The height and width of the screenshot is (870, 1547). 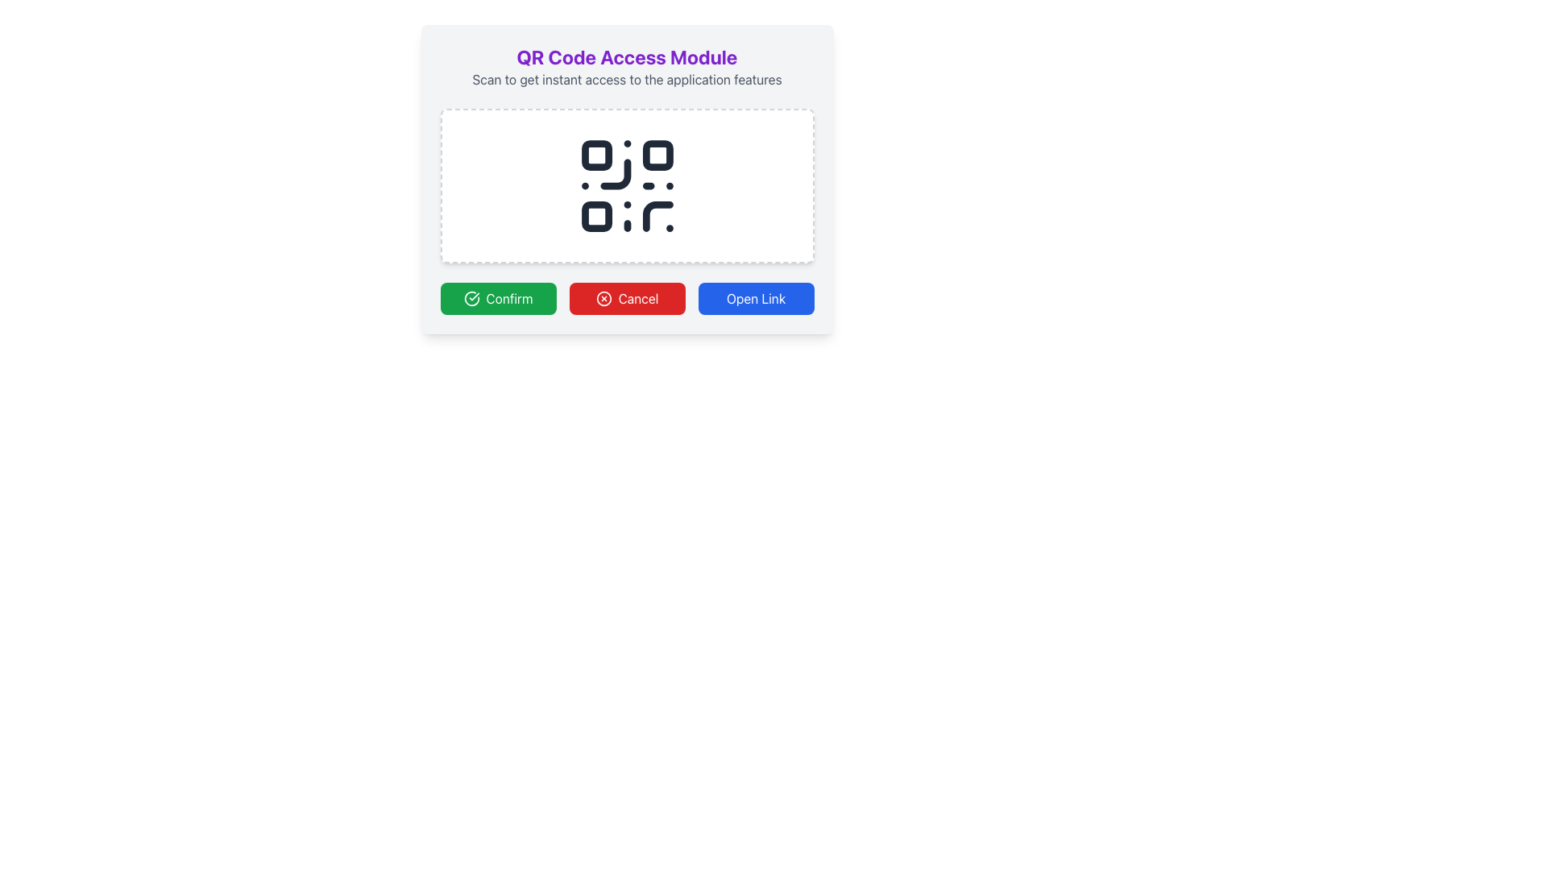 What do you see at coordinates (603, 298) in the screenshot?
I see `the circular decorative element representing a 'cancel' or 'close' action located at the upper-right corner of the QR Code Access Module dialog` at bounding box center [603, 298].